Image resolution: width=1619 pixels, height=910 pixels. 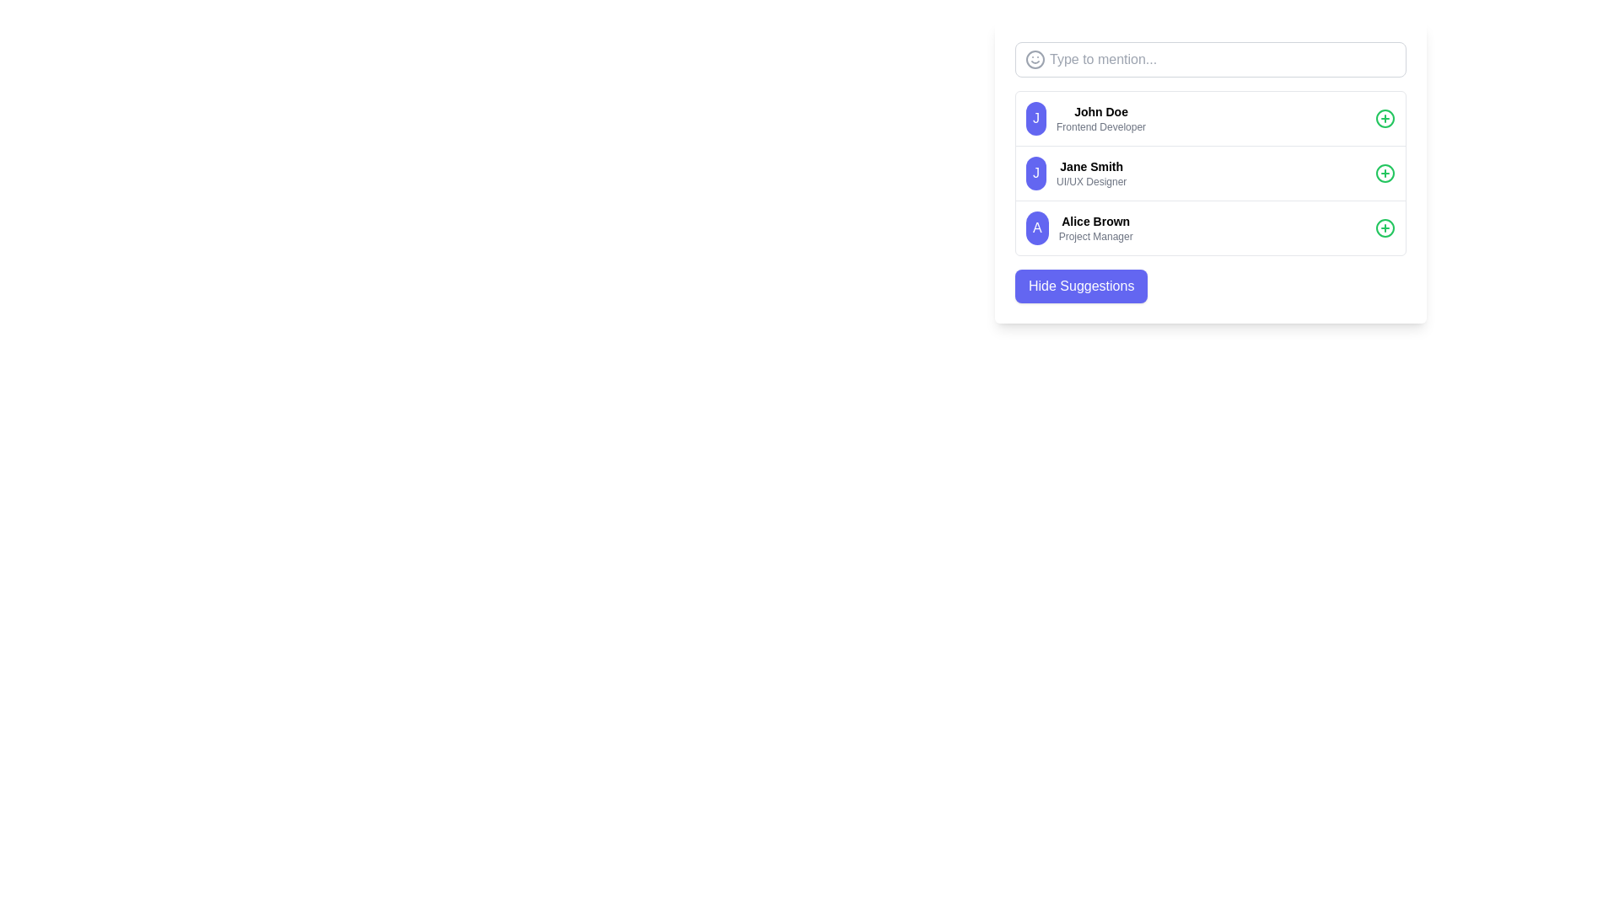 What do you see at coordinates (1385, 227) in the screenshot?
I see `the Circle-button located to the right of the 'Alice Brown' text in the suggestion list` at bounding box center [1385, 227].